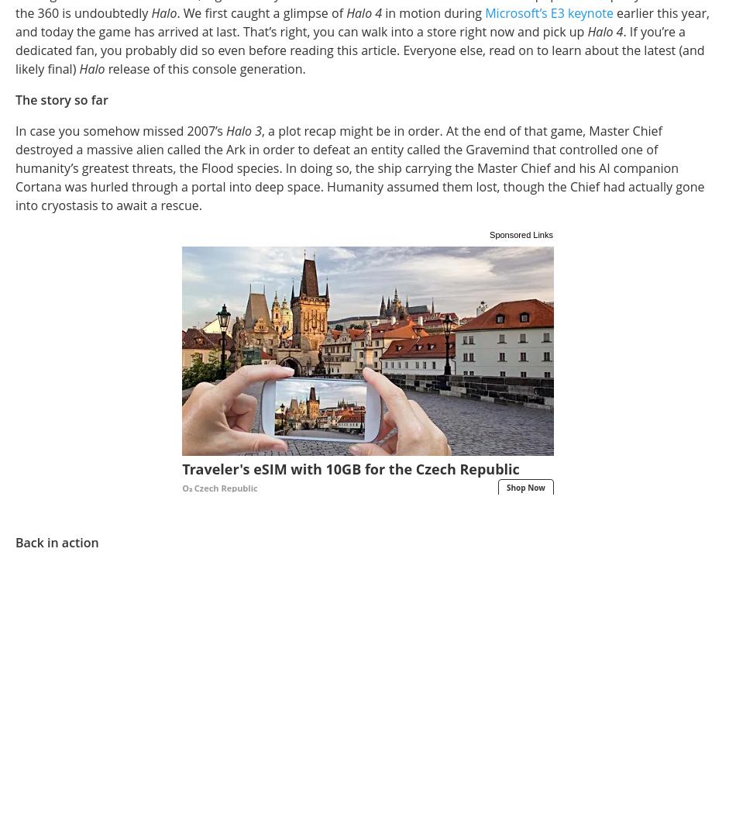  Describe the element at coordinates (359, 49) in the screenshot. I see `'. If you’re a dedicated fan, you probably did so even before reading this article. Everyone else, read on to learn about the latest (and likely final)'` at that location.